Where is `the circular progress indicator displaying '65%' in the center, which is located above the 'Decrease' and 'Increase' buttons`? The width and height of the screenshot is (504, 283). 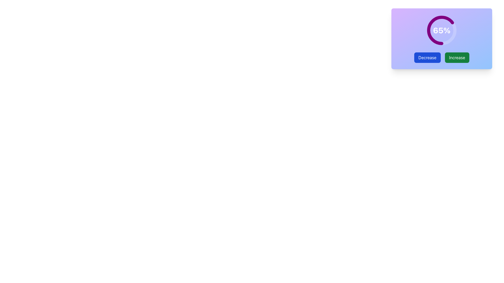 the circular progress indicator displaying '65%' in the center, which is located above the 'Decrease' and 'Increase' buttons is located at coordinates (442, 30).